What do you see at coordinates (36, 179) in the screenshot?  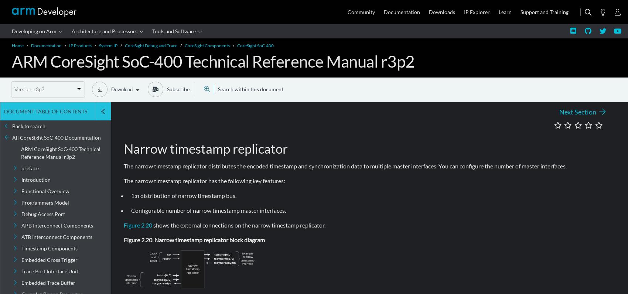 I see `'Introduction'` at bounding box center [36, 179].